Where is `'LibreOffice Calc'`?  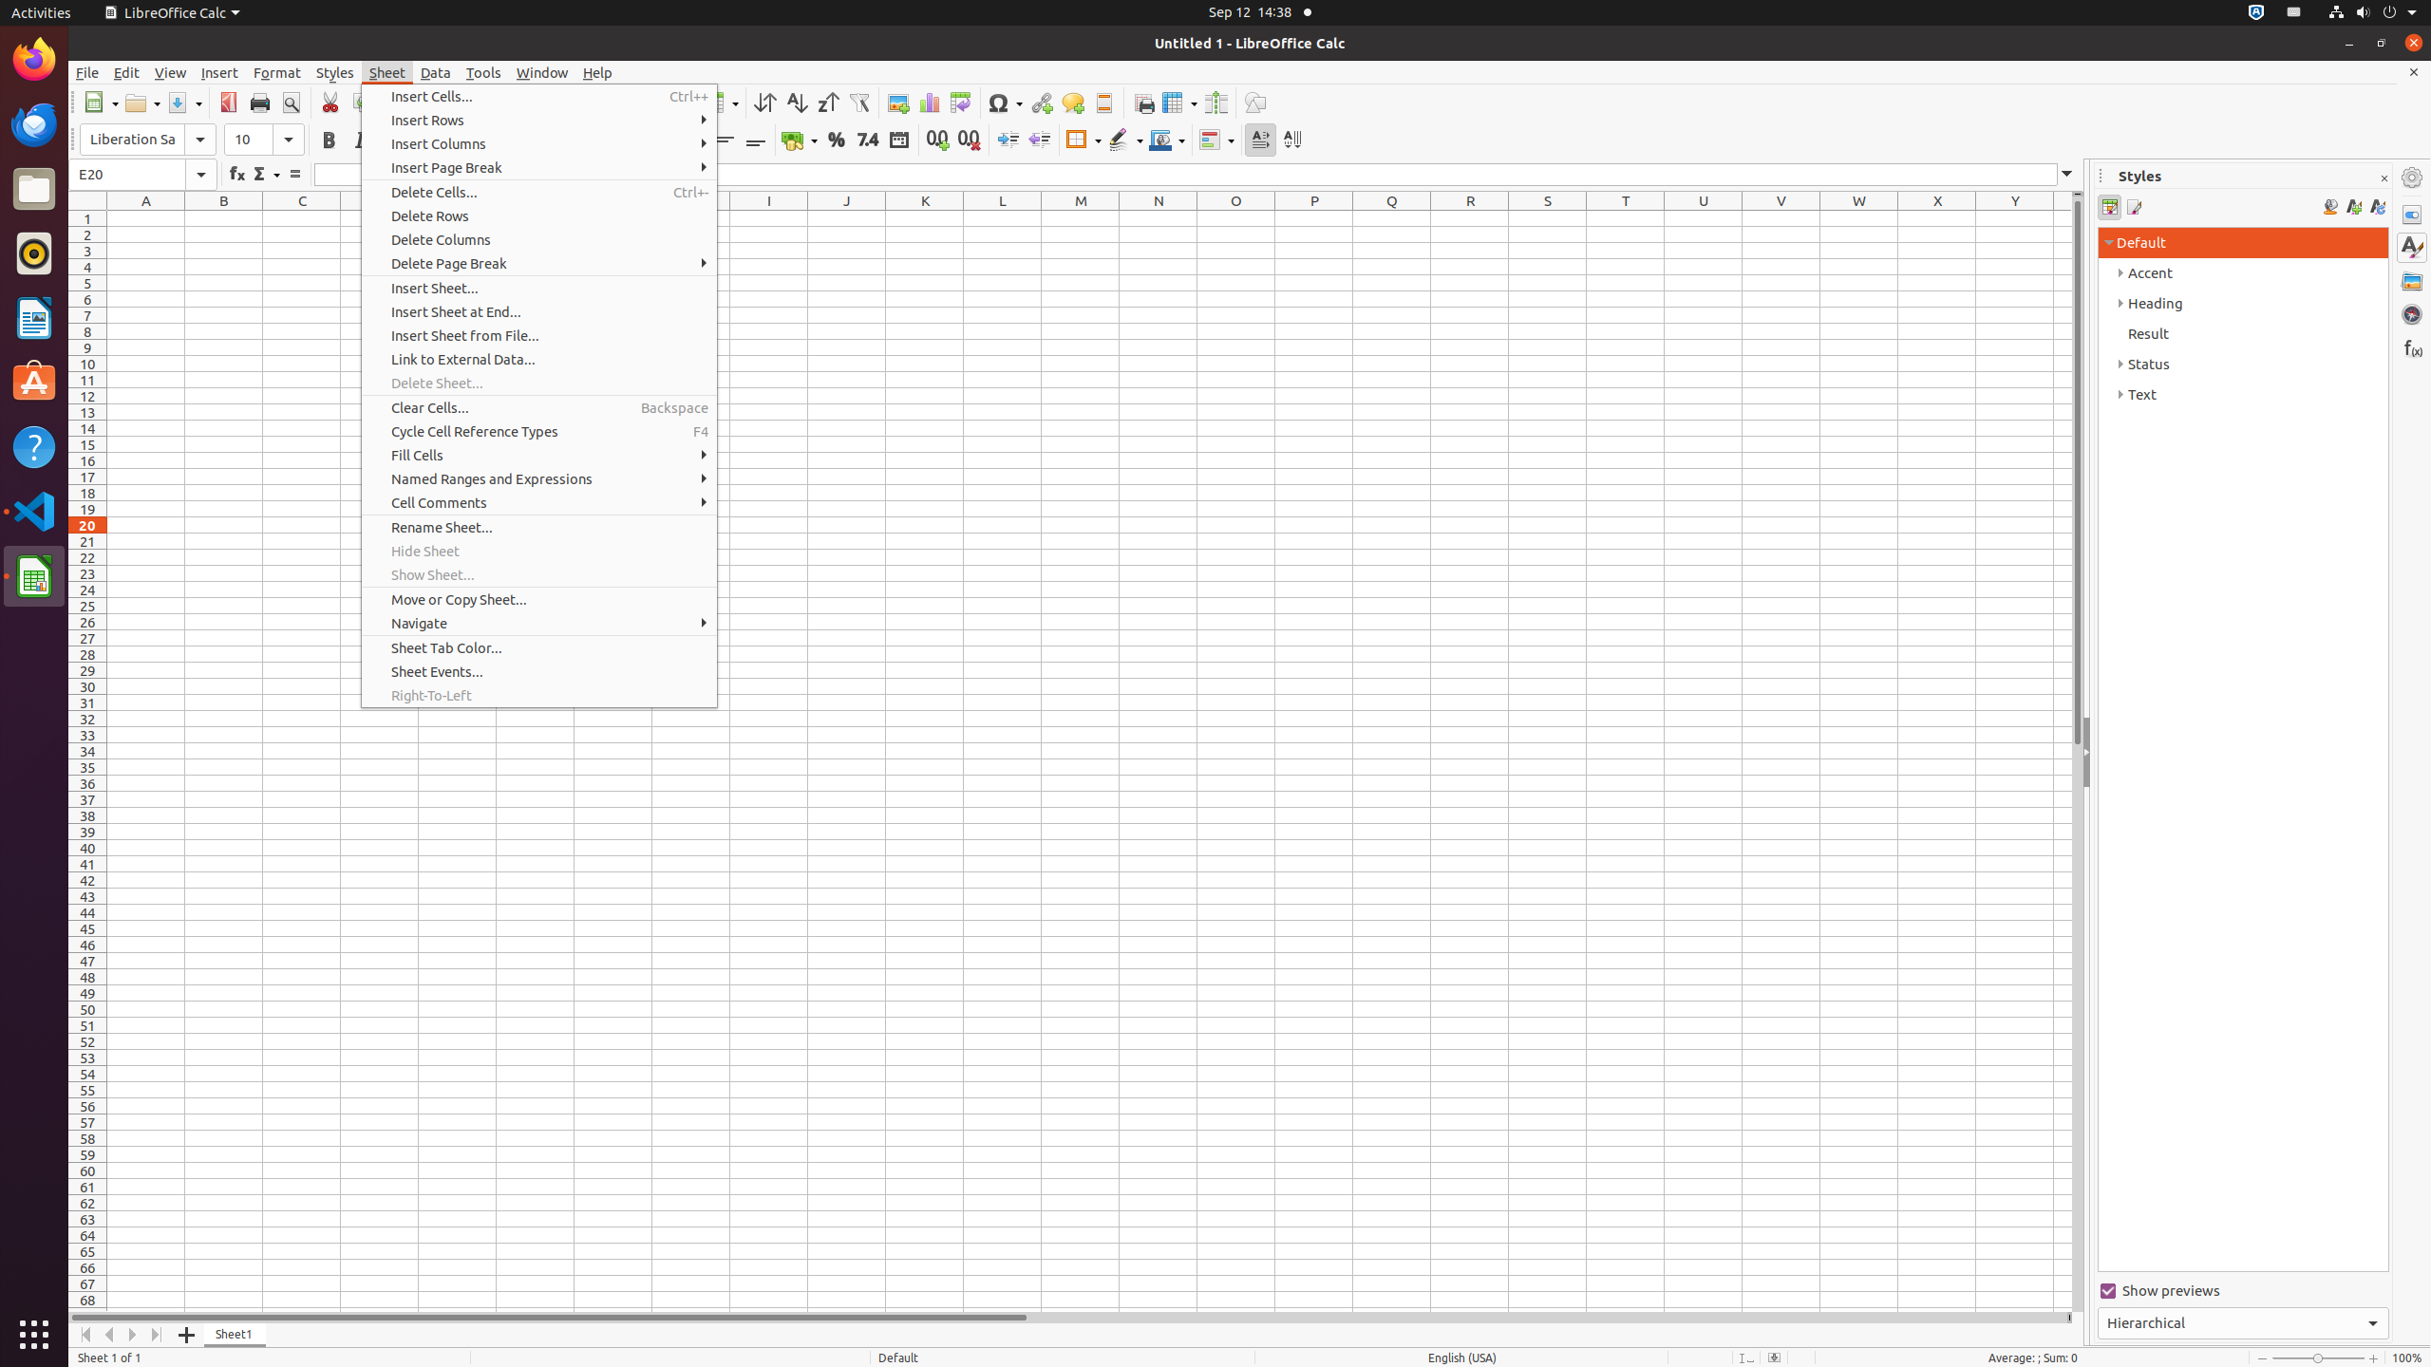 'LibreOffice Calc' is located at coordinates (170, 11).